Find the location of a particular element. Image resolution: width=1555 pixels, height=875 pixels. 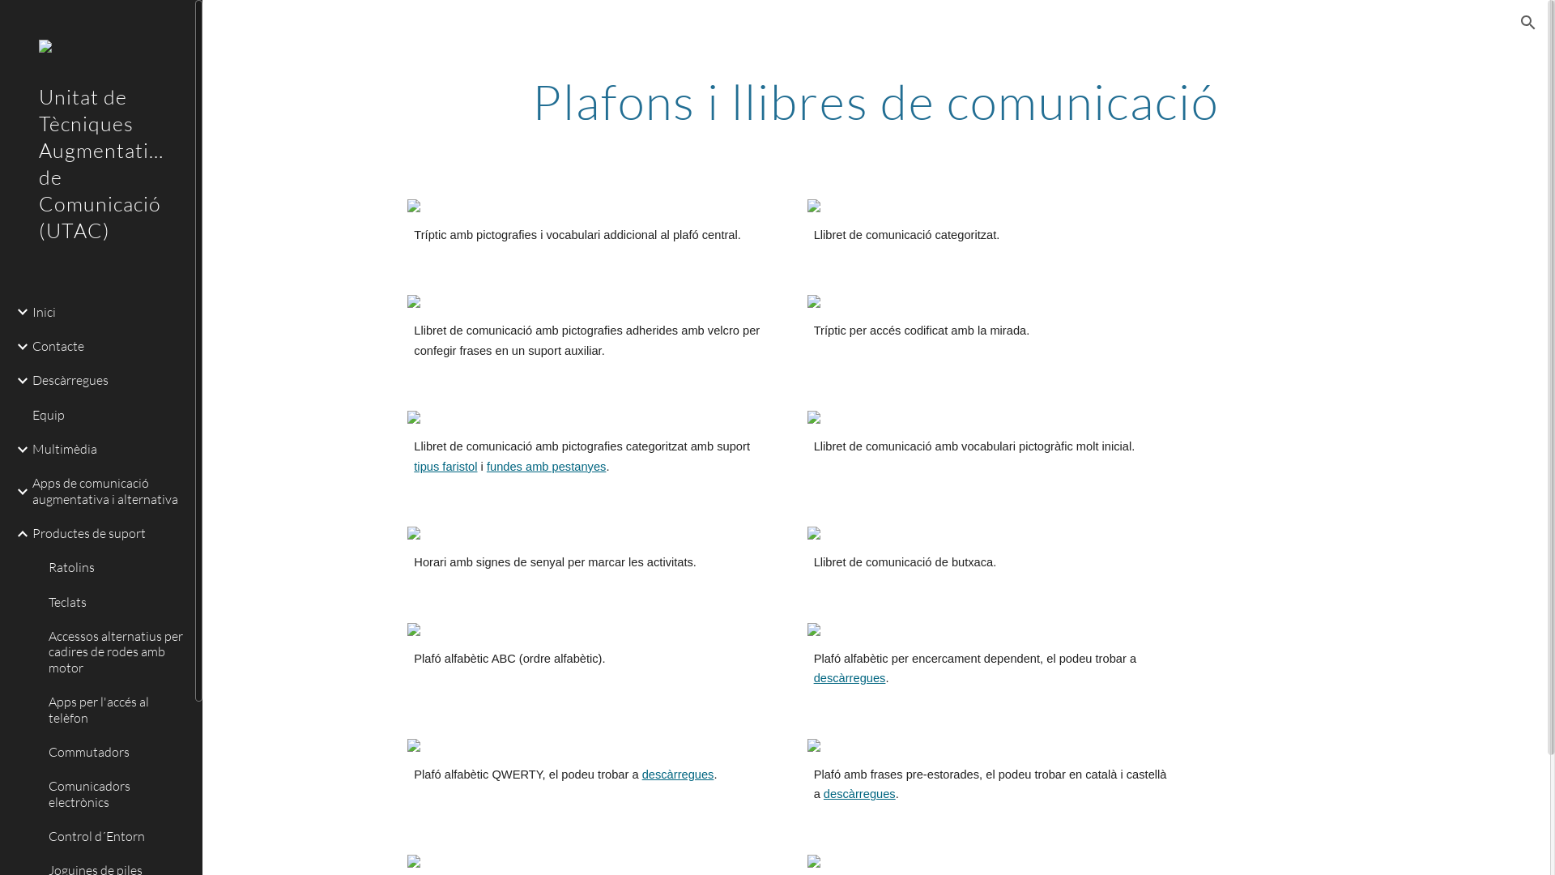

'Equip' is located at coordinates (28, 414).